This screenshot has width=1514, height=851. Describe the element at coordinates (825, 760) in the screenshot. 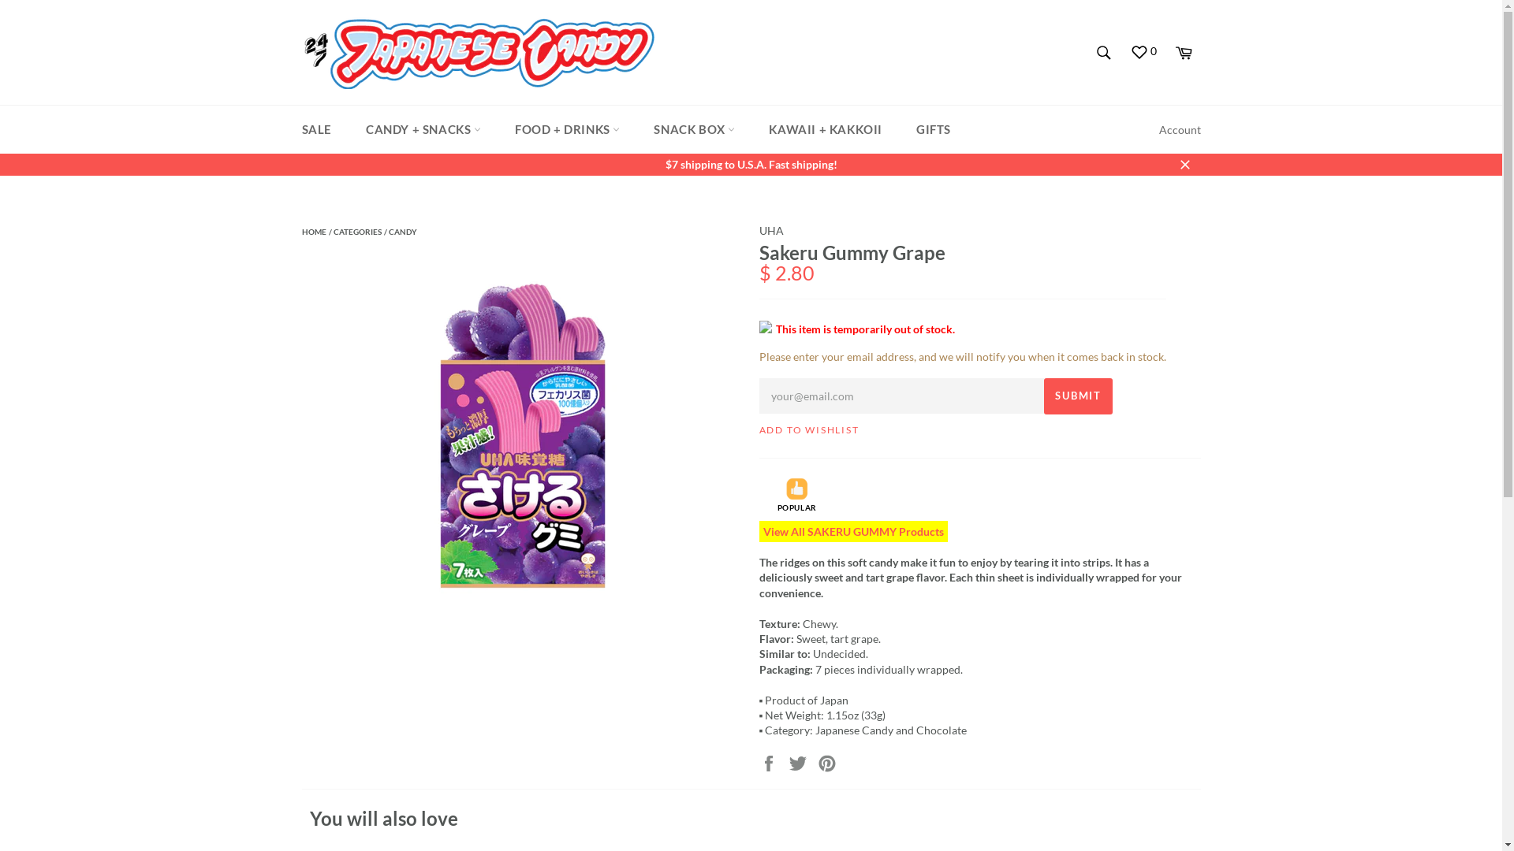

I see `'Pin on Pinterest'` at that location.